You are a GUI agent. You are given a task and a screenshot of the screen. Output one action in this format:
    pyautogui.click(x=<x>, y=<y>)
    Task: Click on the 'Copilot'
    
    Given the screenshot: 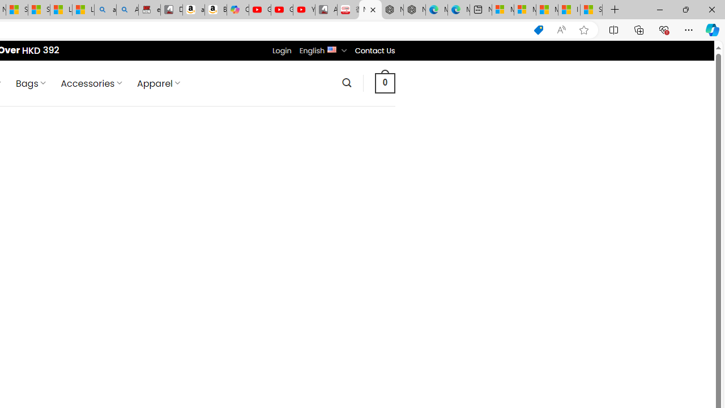 What is the action you would take?
    pyautogui.click(x=237, y=10)
    